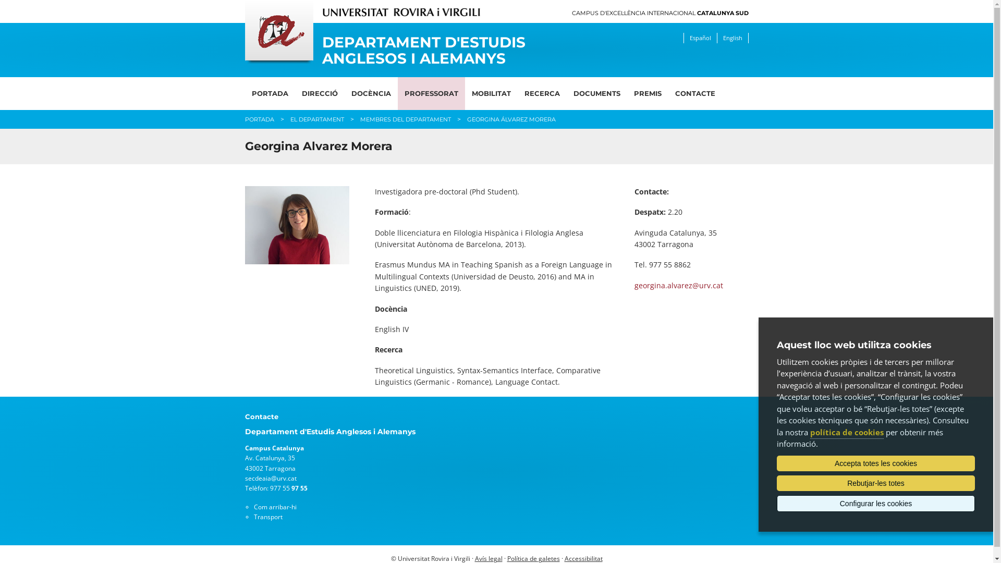 The width and height of the screenshot is (1001, 563). Describe the element at coordinates (432, 50) in the screenshot. I see `'DEPARTAMENT D'ESTUDIS ANGLESOS I ALEMANYS'` at that location.